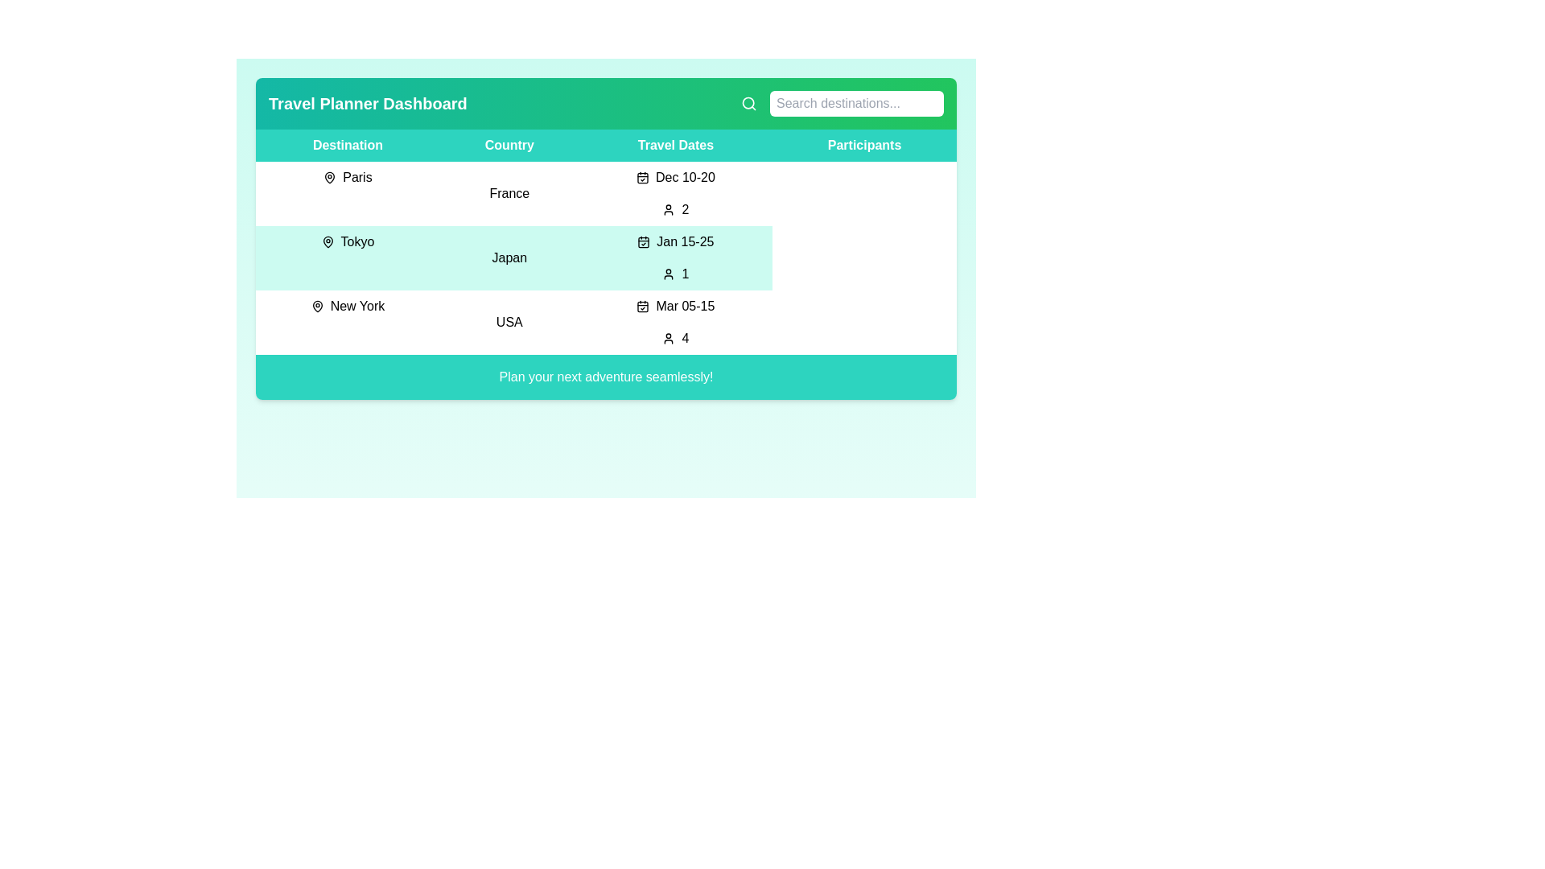 The image size is (1545, 869). I want to click on the location icon indicating 'New York' in the Destination column, which is the first graphical element in its row, so click(317, 307).